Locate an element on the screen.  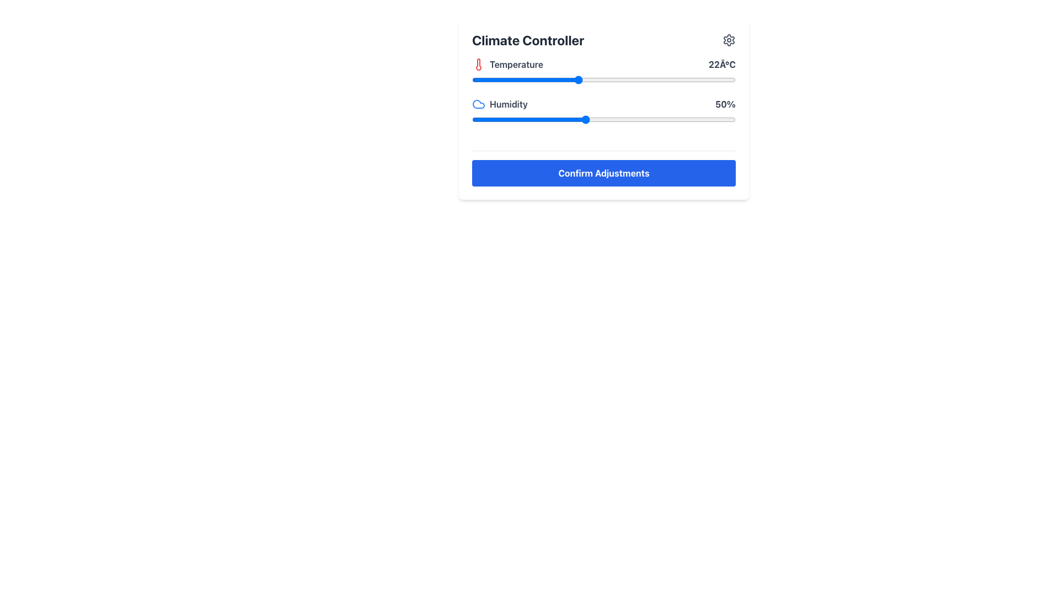
the text label displaying '22Â°C' in bold gray font located in the top-right corner of the 'Temperature' section is located at coordinates (722, 64).